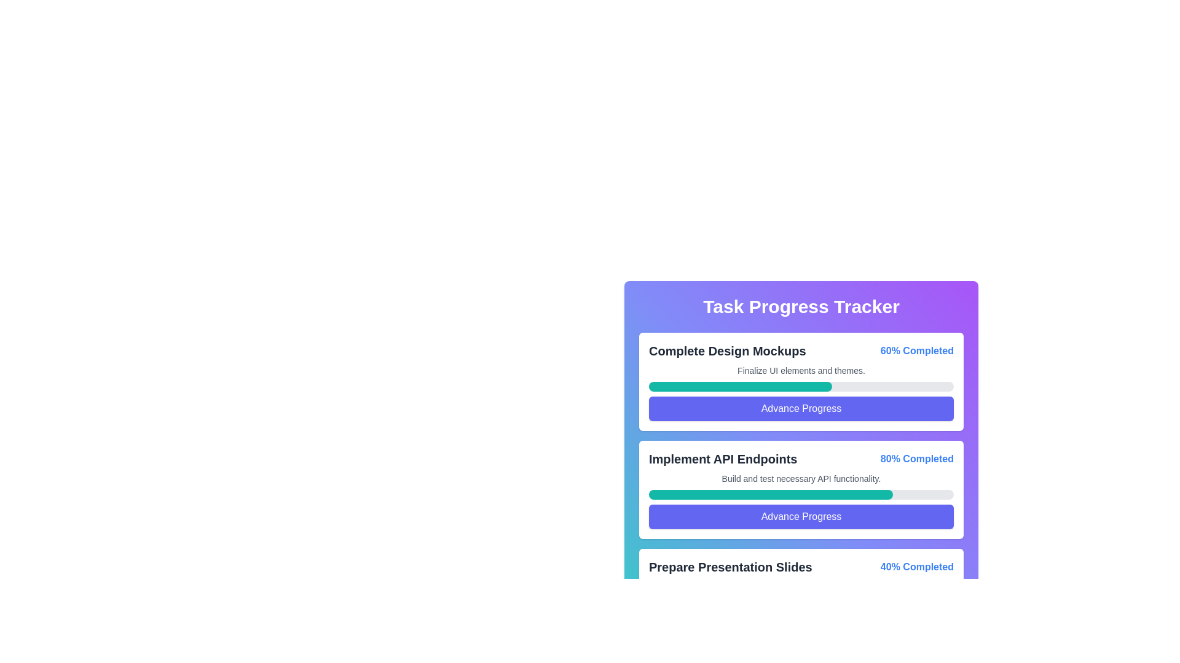  I want to click on the non-interactive text label that summarizes the task titled 'Complete Design Mockups', which is positioned at the top-left of the task block and aligned with the progress percentage text, so click(727, 351).